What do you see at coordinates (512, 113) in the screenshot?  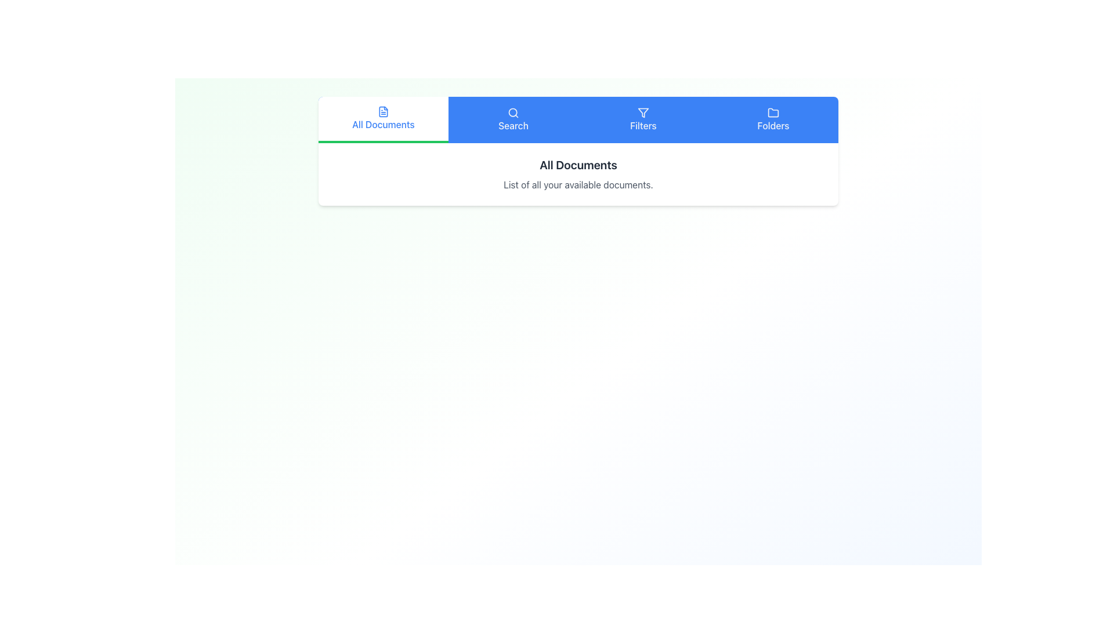 I see `the magnifying glass icon in the second column of the horizontal menu bar to initiate a search action` at bounding box center [512, 113].